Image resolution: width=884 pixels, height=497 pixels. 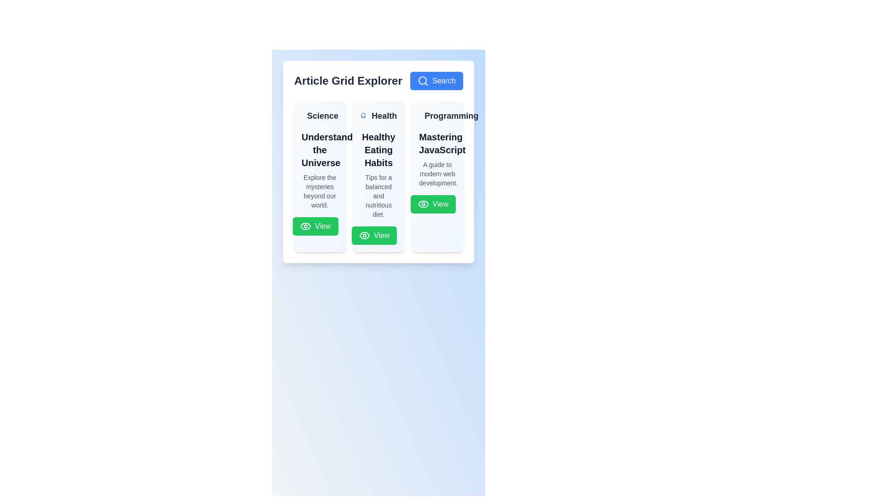 What do you see at coordinates (437, 174) in the screenshot?
I see `the static text label providing context about 'Mastering JavaScript', located in the rightmost column under the 'Programming' section, directly beneath the title and above the green 'View' button` at bounding box center [437, 174].